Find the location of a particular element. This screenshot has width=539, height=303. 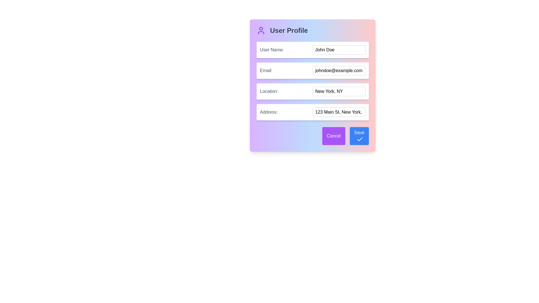

the check mark icon styled with a clean, minimalistic feather design, located to the right of the 'Save' text on the blue save button in the bottom-right corner of the modal dialog box is located at coordinates (360, 139).